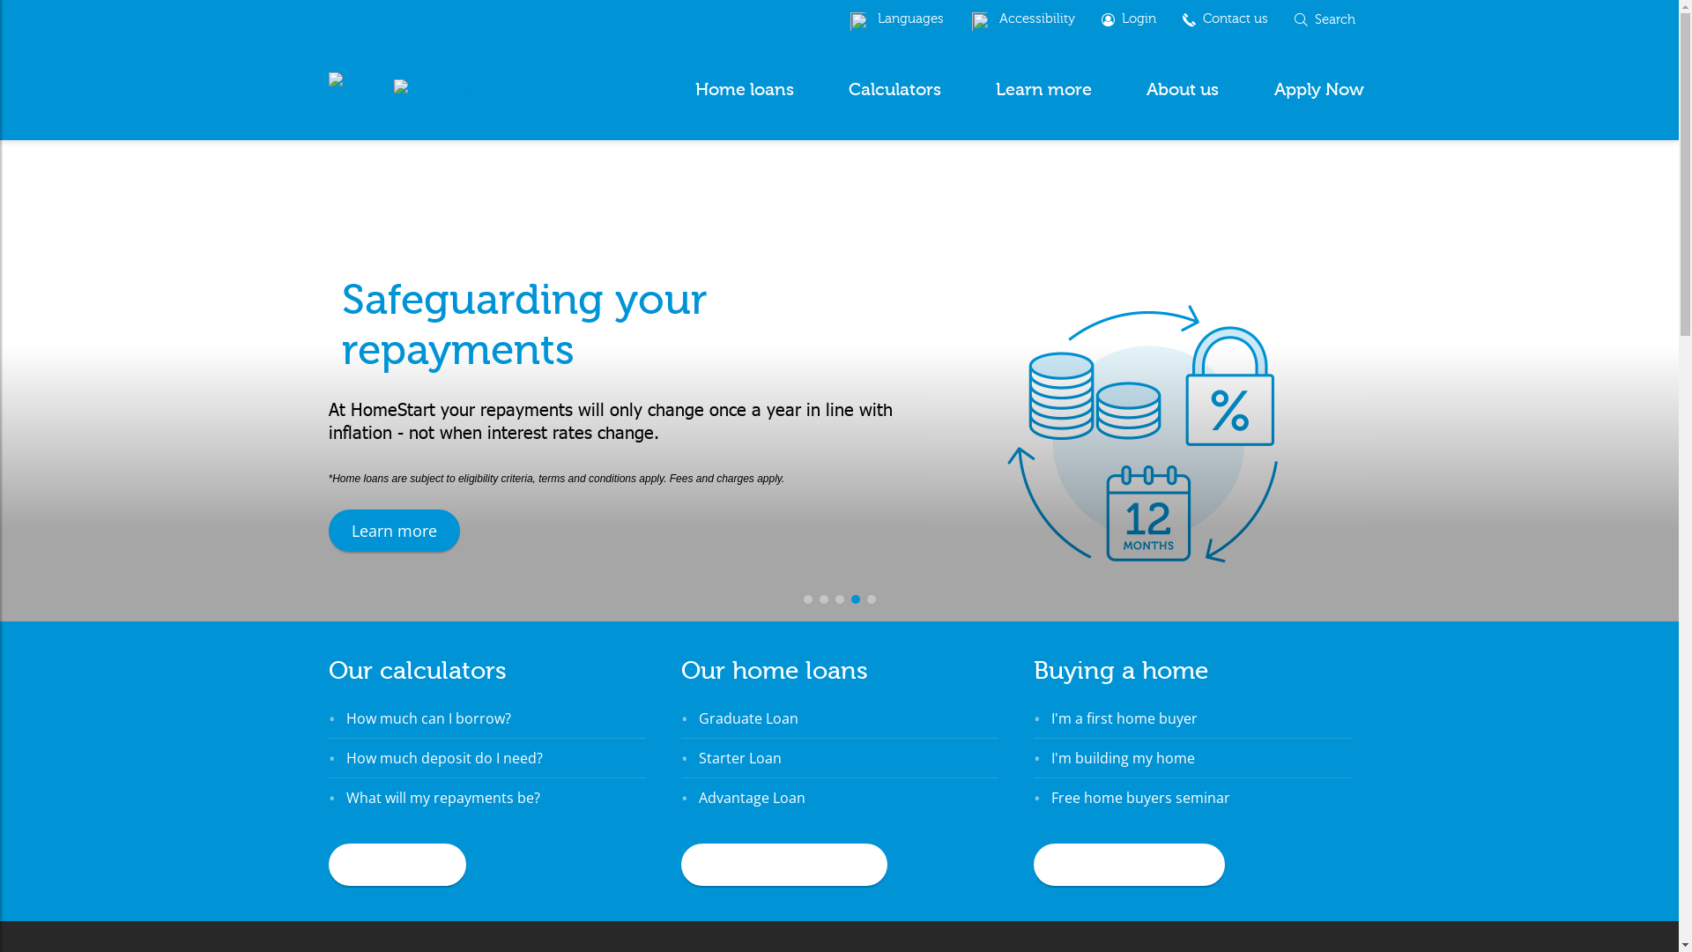  Describe the element at coordinates (871, 598) in the screenshot. I see `'5'` at that location.